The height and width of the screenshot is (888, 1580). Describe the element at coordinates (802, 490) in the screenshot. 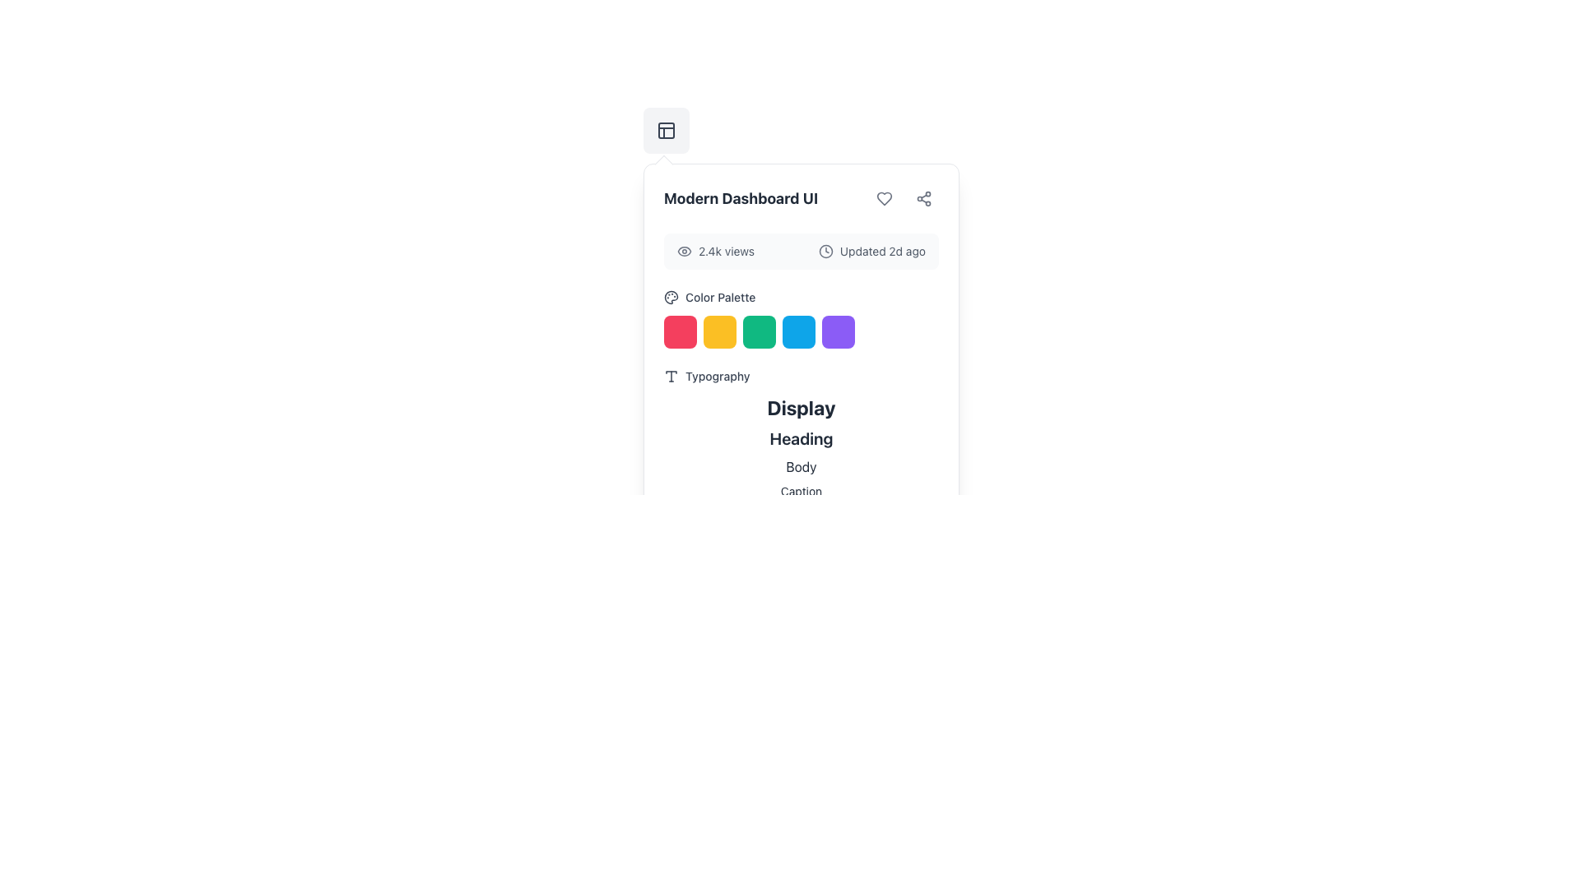

I see `the 'Caption' text label, which is styled with a smaller font size and gray color, positioned at the bottom of a vertical stack of text components` at that location.